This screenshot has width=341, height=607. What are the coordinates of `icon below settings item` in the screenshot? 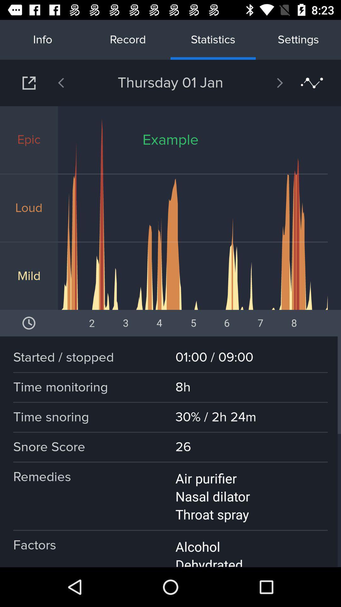 It's located at (312, 83).